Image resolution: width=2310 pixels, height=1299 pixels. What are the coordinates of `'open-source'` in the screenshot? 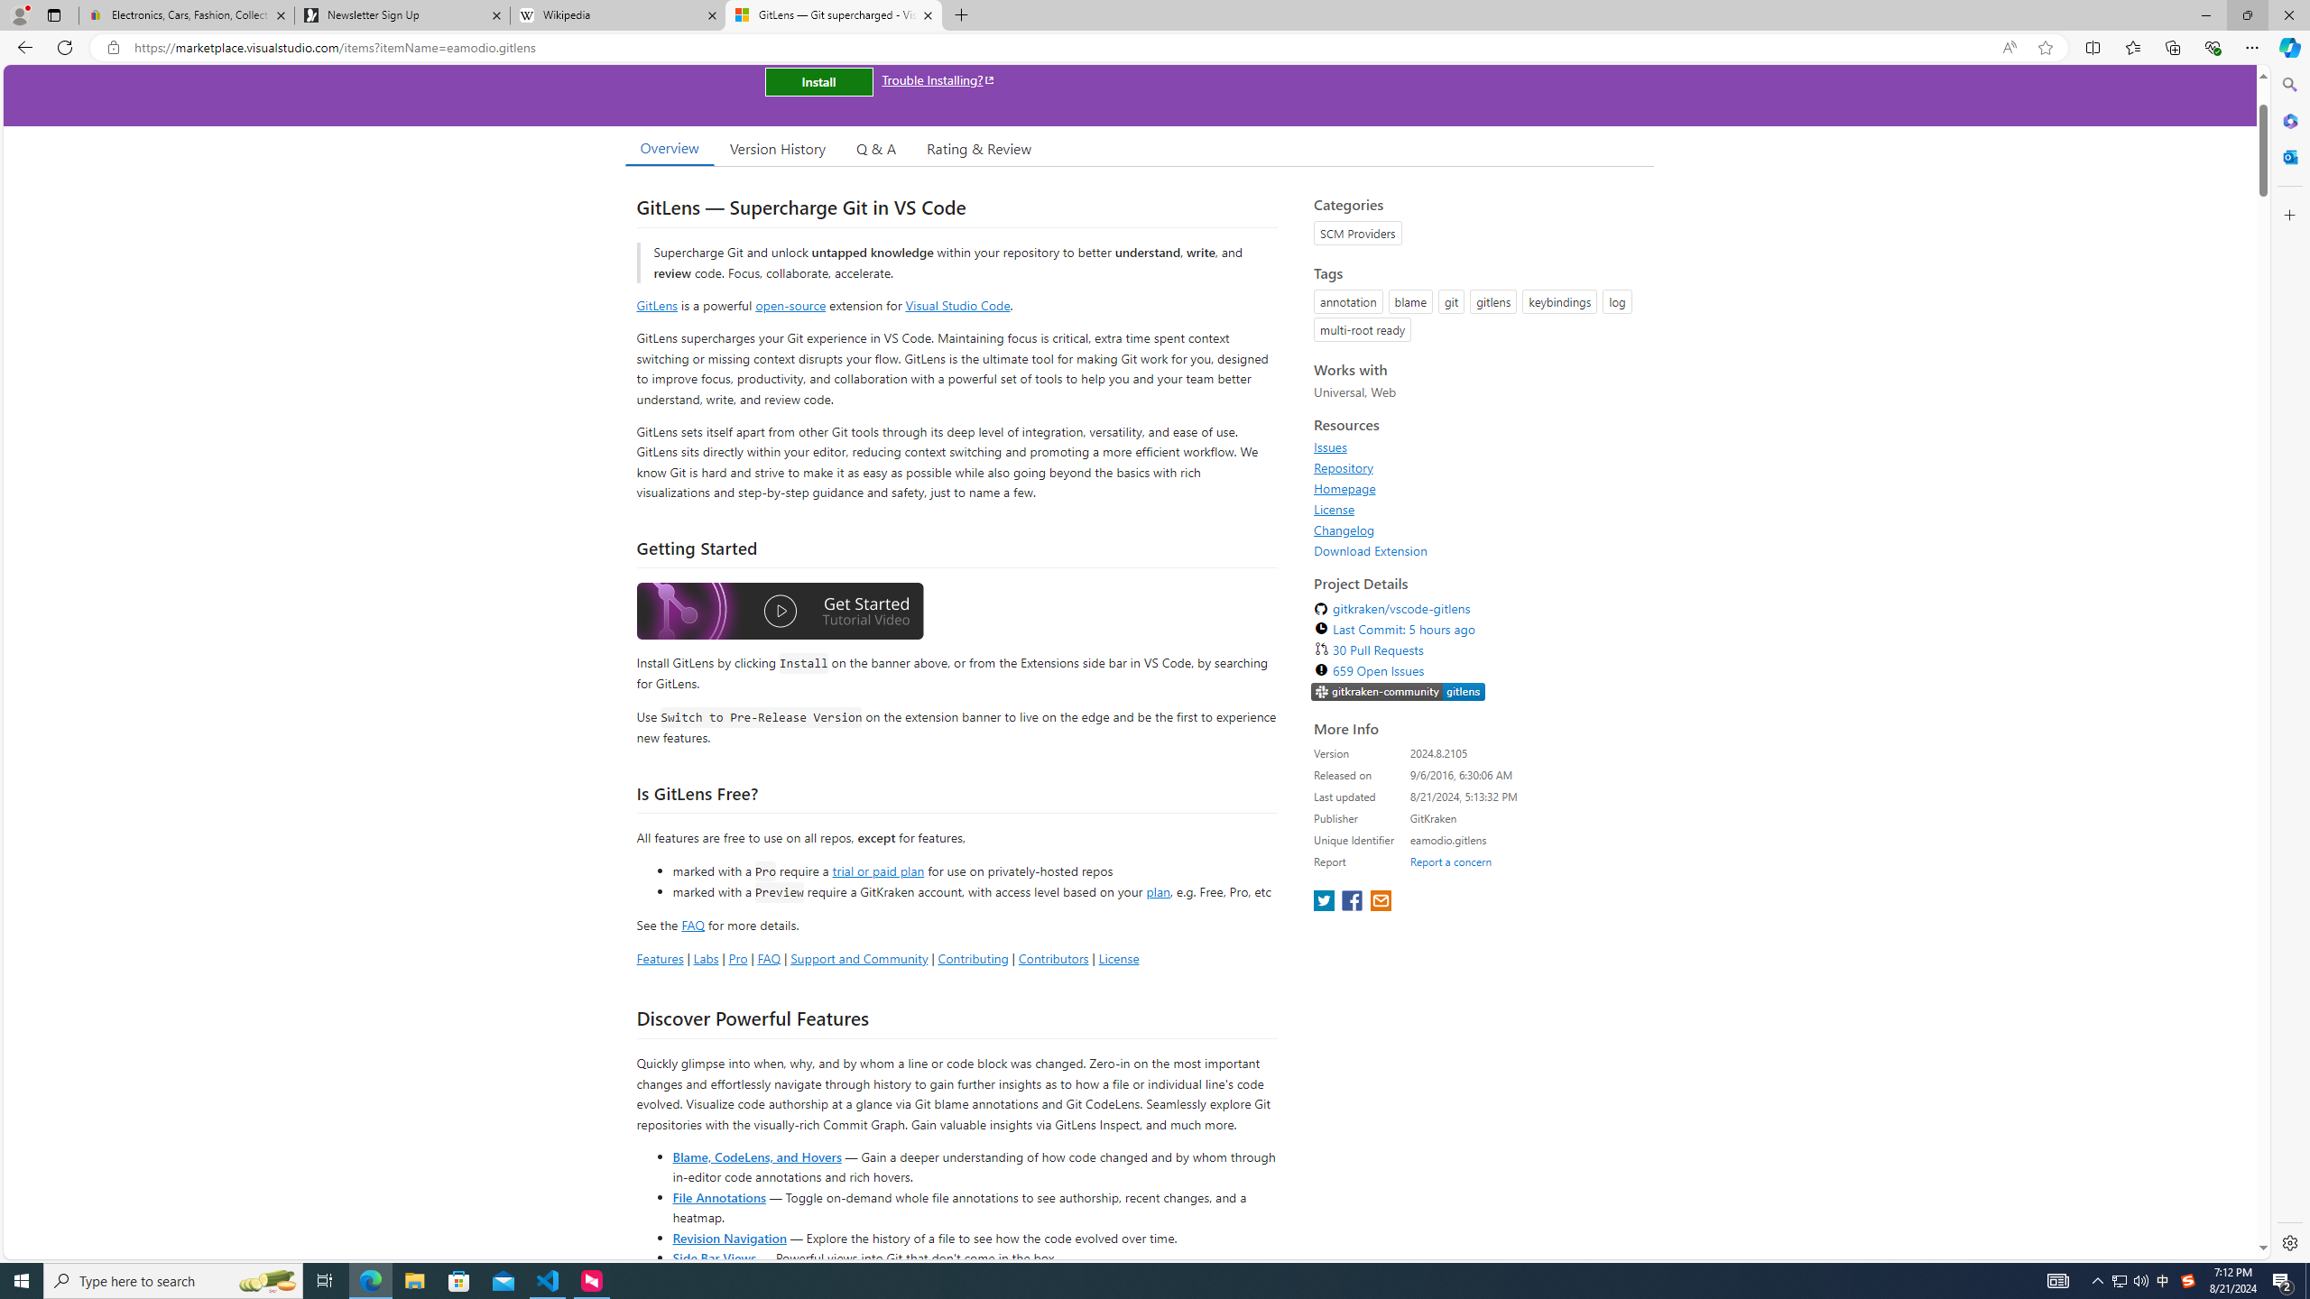 It's located at (790, 304).